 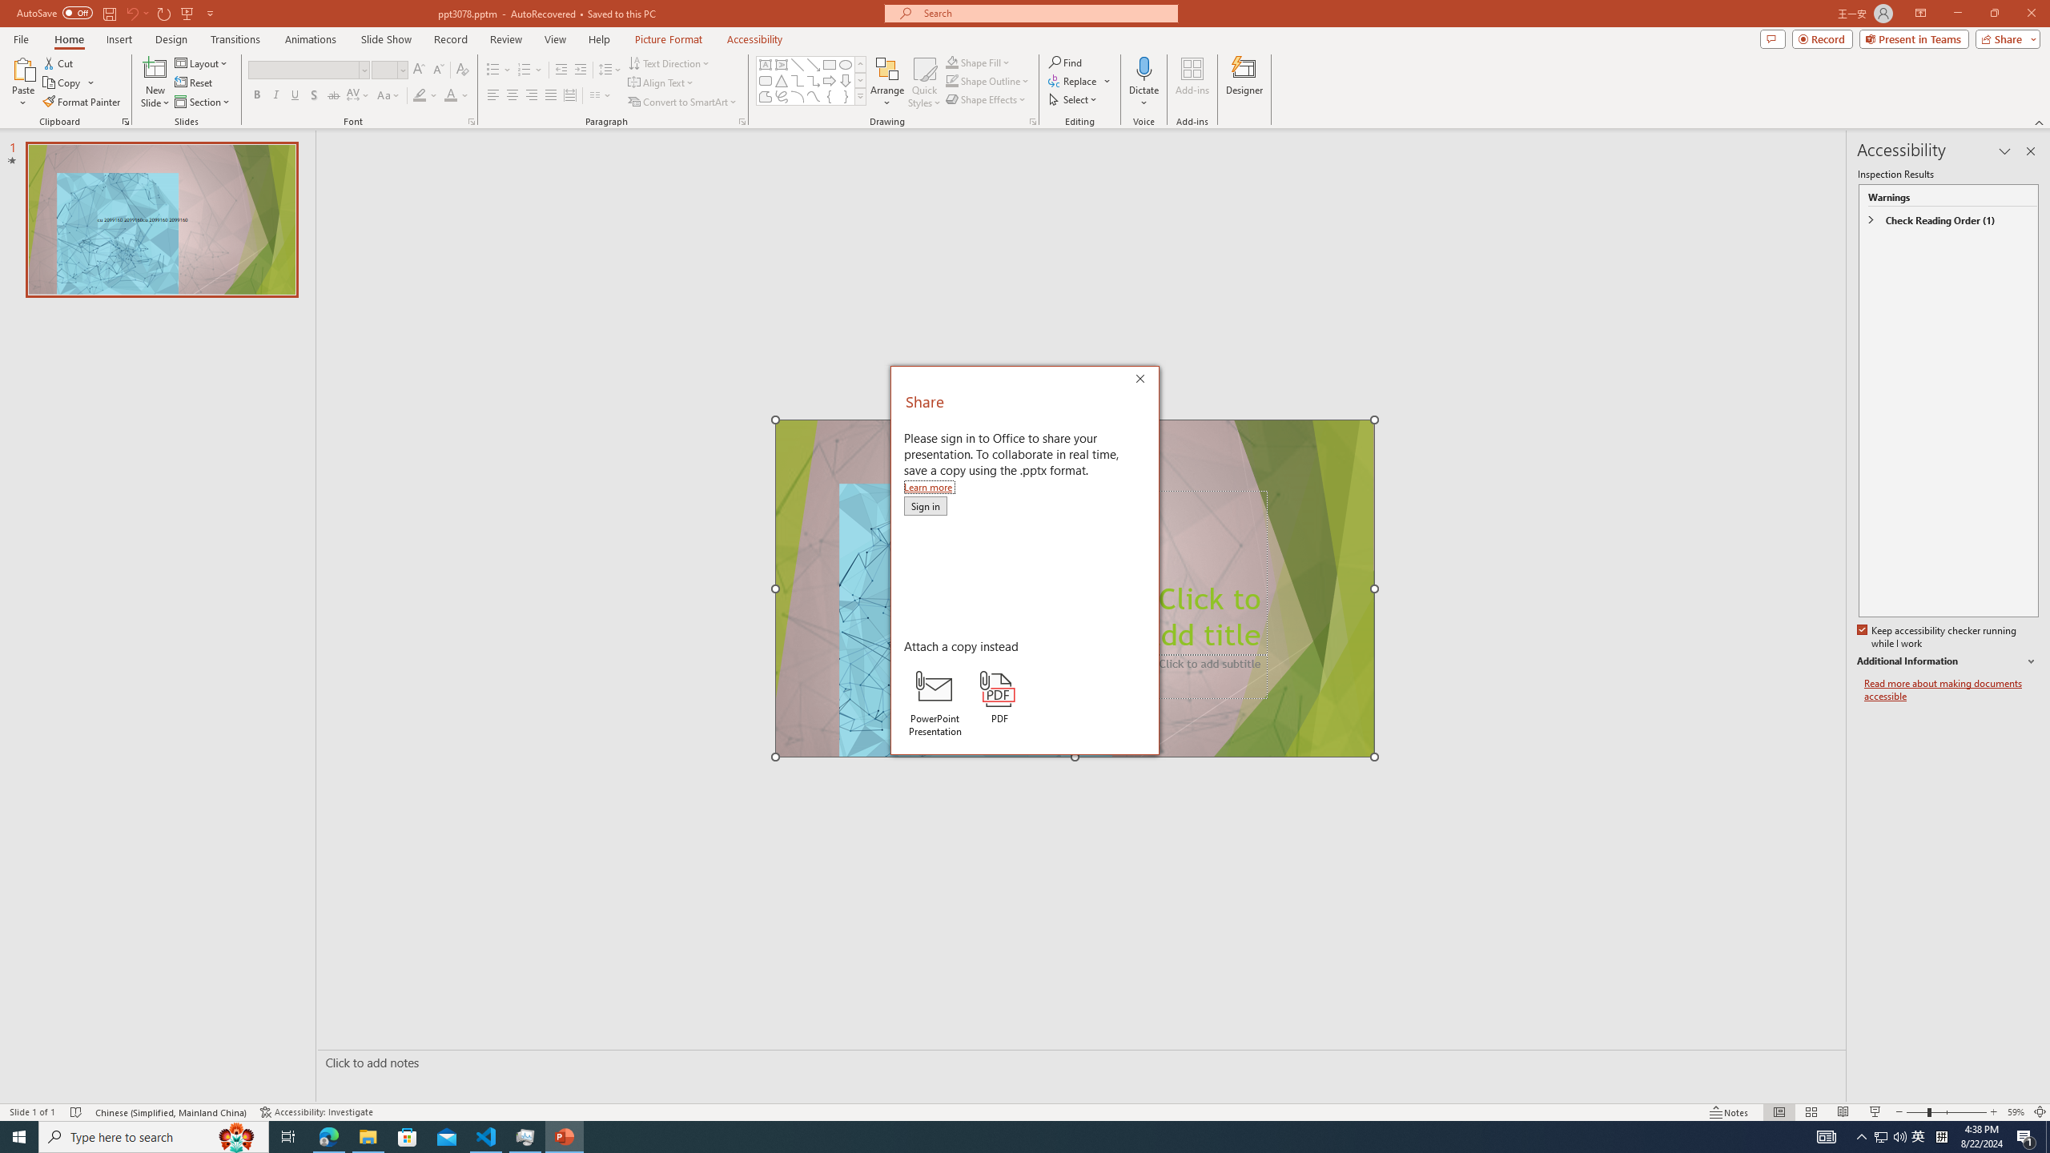 I want to click on 'Task Manager - 1 running window', so click(x=525, y=1135).